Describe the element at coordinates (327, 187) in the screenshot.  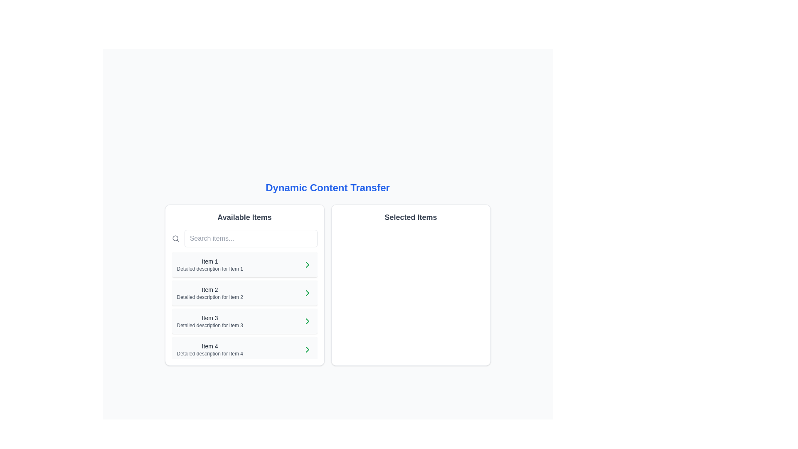
I see `the prominently displayed title 'Dynamic Content Transfer' which is styled with a bold and large blue font at the top of the interface` at that location.